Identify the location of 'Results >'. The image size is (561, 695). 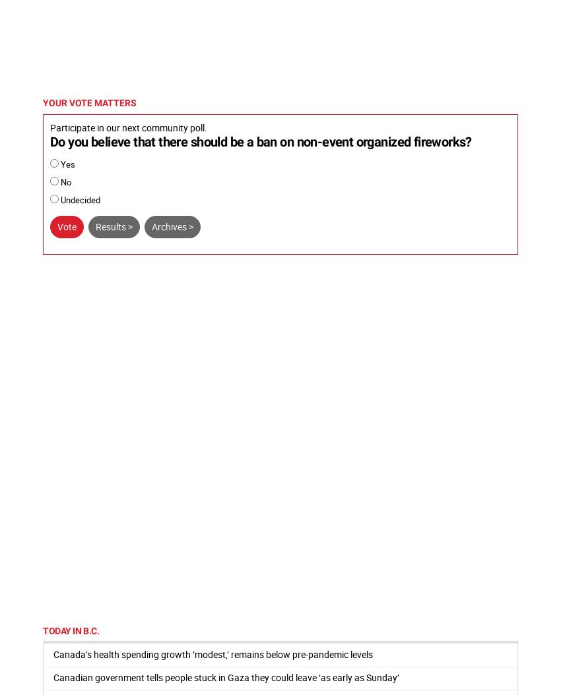
(96, 225).